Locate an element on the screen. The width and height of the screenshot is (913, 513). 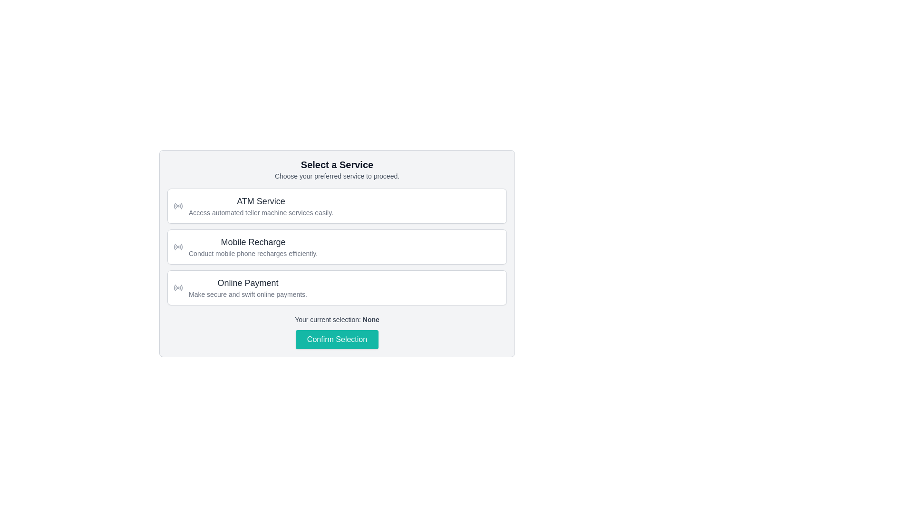
text label that contains the message 'Make secure and swift online payments.' located beneath the 'Online Payment' title in a services panel is located at coordinates (248, 294).